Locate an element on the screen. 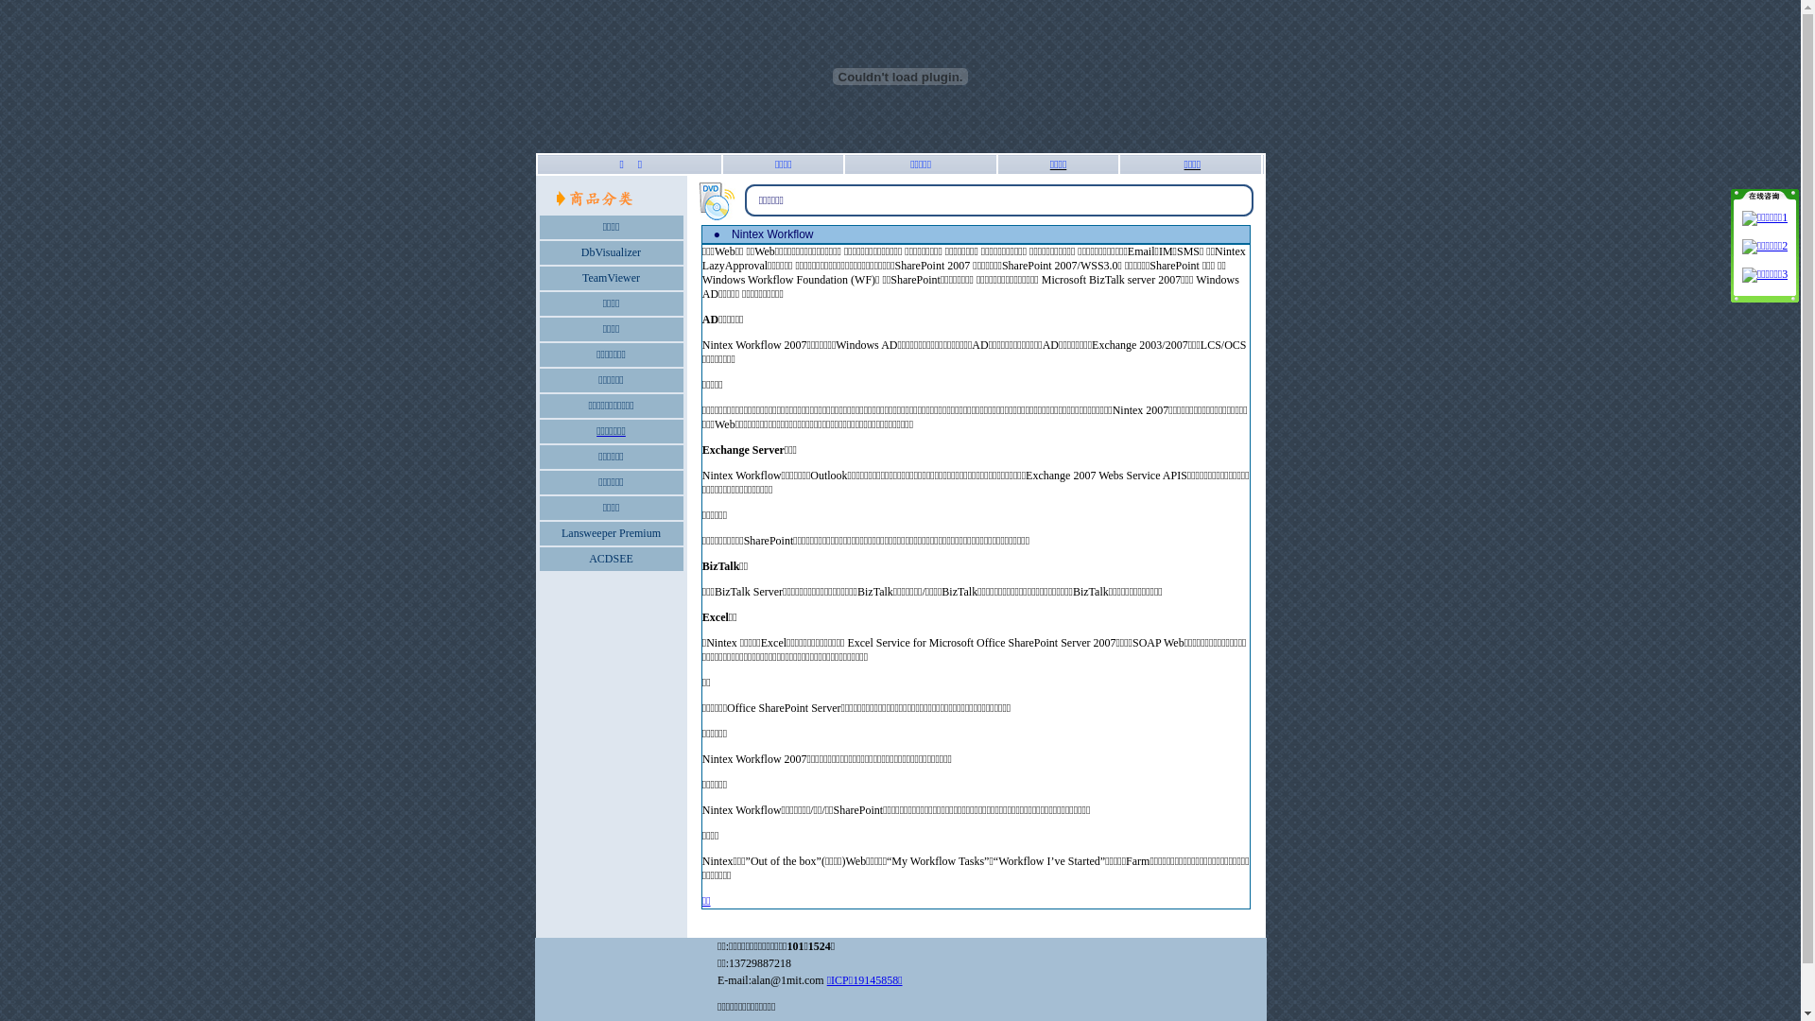 The width and height of the screenshot is (1815, 1021). 'ACDSEE' is located at coordinates (611, 557).